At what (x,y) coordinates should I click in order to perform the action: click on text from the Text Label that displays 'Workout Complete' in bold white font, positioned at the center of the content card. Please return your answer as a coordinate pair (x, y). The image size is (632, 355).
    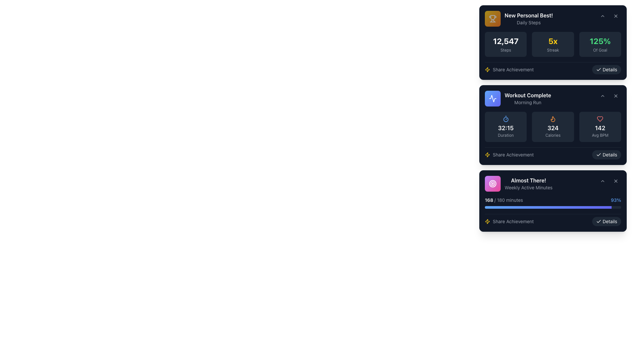
    Looking at the image, I should click on (528, 95).